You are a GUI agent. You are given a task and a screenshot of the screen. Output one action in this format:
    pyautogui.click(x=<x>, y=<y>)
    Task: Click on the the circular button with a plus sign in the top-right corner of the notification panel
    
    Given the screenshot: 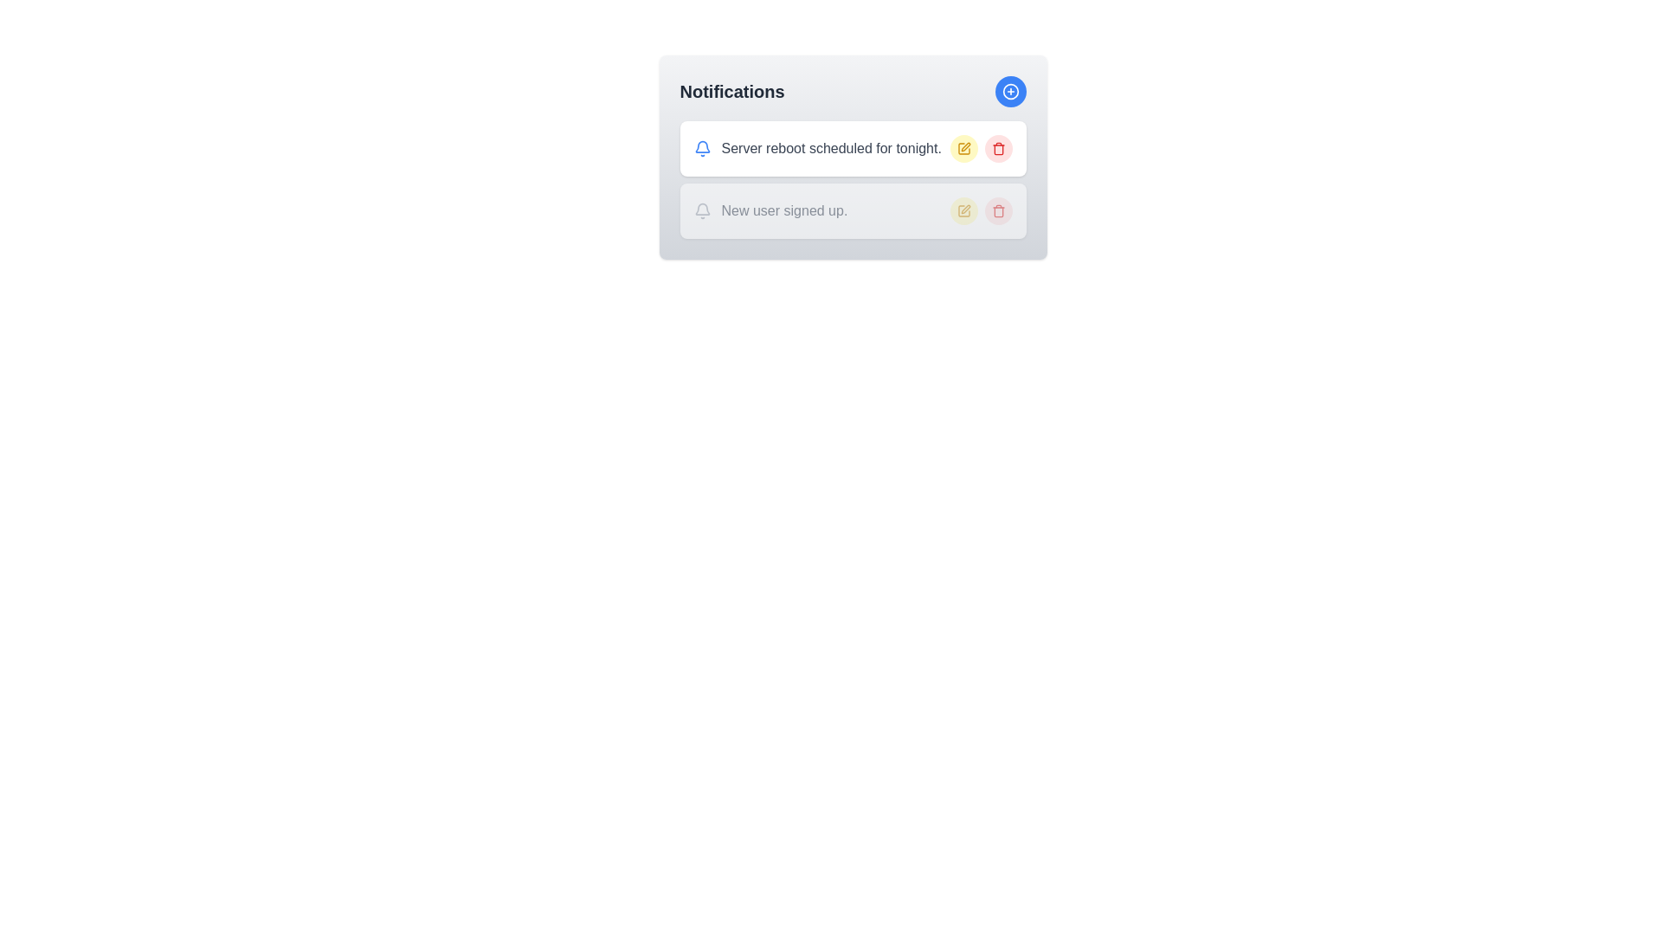 What is the action you would take?
    pyautogui.click(x=1010, y=91)
    